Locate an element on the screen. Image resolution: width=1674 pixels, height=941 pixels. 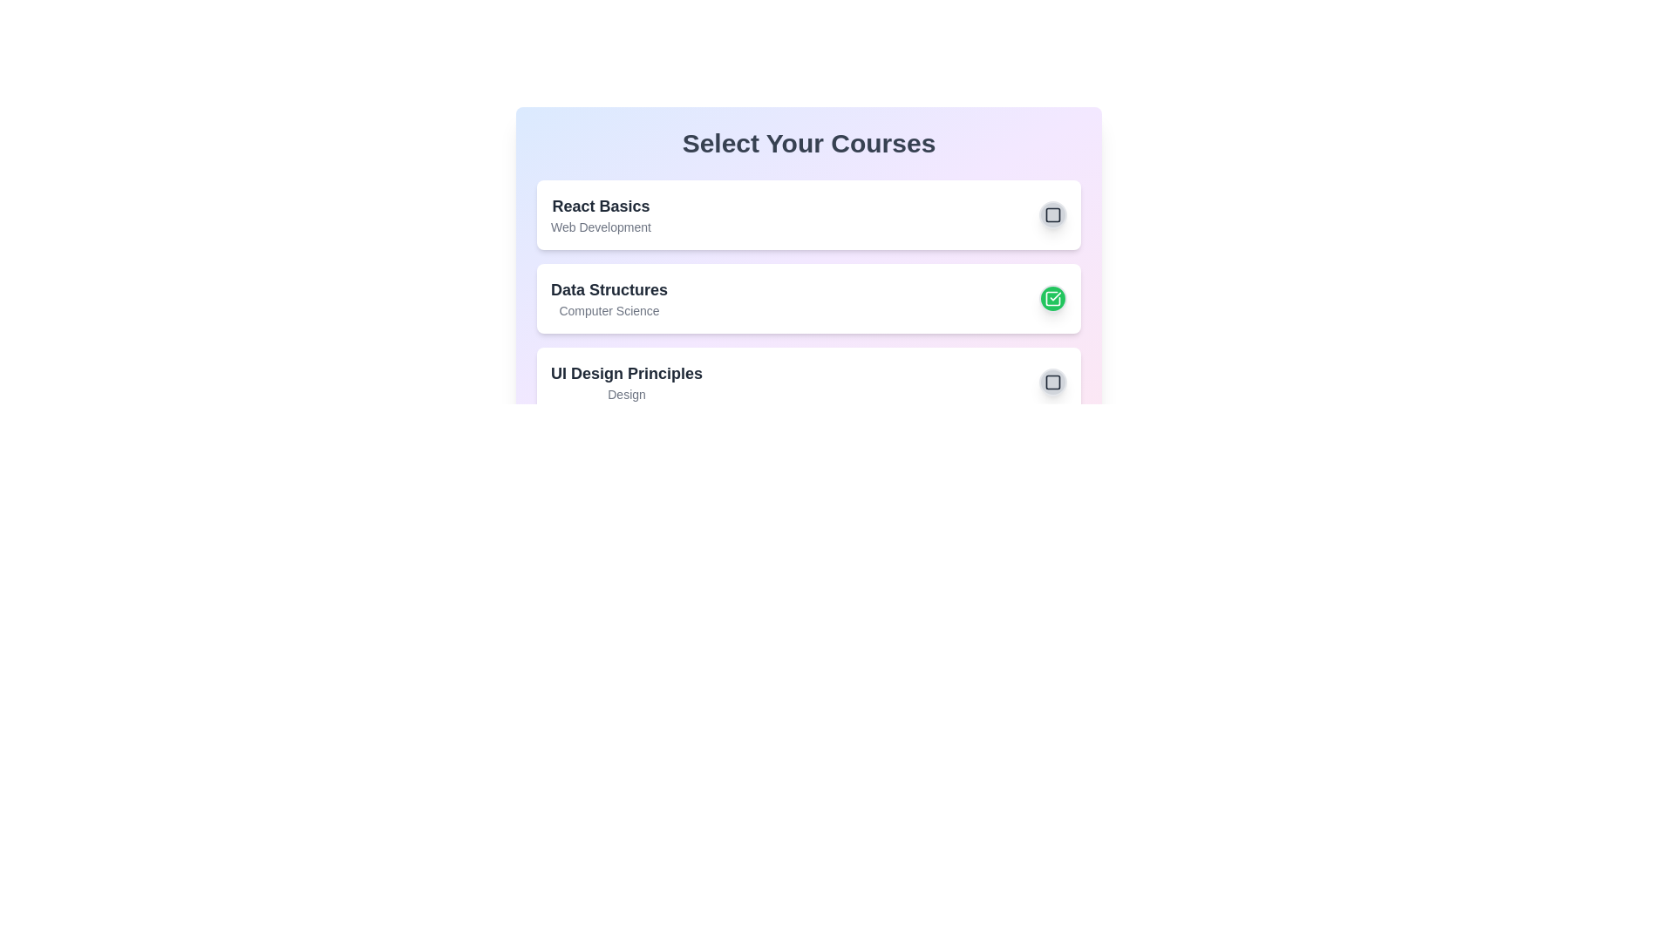
the main heading 'Select Your Courses' is located at coordinates (807, 143).